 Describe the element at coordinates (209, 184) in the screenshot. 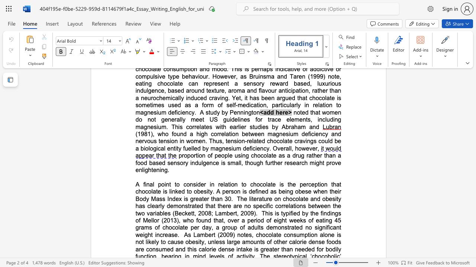

I see `the subset text "in relation to chocolate is" within the text "to consider in relation to chocolate is the"` at that location.